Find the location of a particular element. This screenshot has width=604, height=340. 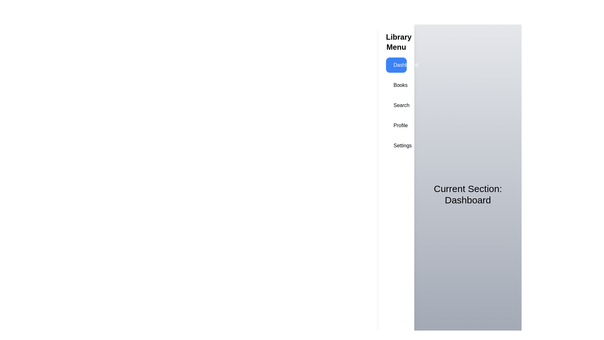

the menu item corresponding to Settings to navigate to that section is located at coordinates (396, 145).